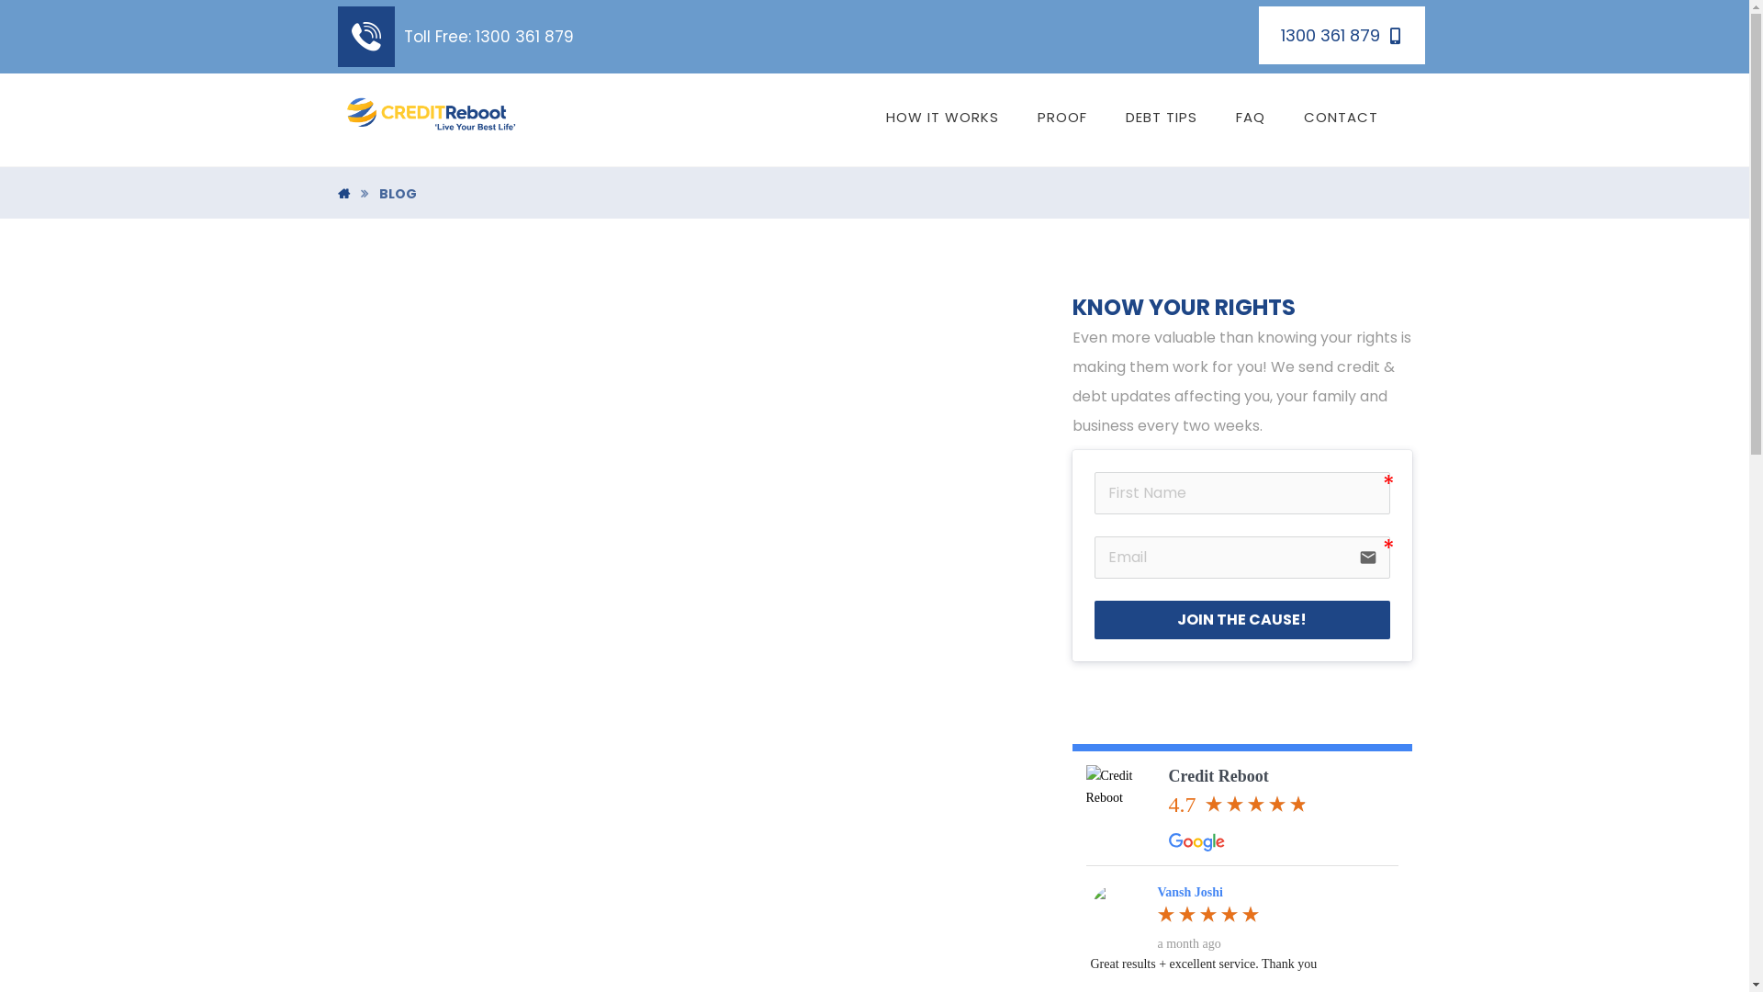 The height and width of the screenshot is (992, 1763). Describe the element at coordinates (1117, 911) in the screenshot. I see `'Vansh Joshi'` at that location.